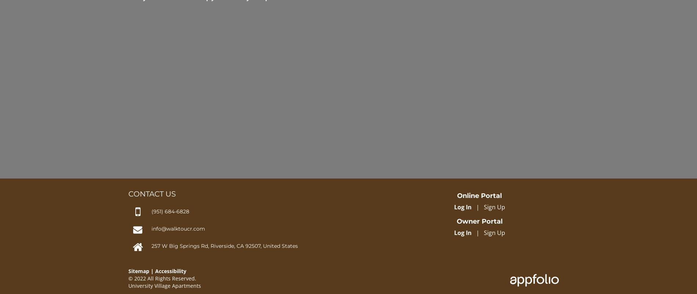 The image size is (697, 294). What do you see at coordinates (479, 195) in the screenshot?
I see `'Online Portal'` at bounding box center [479, 195].